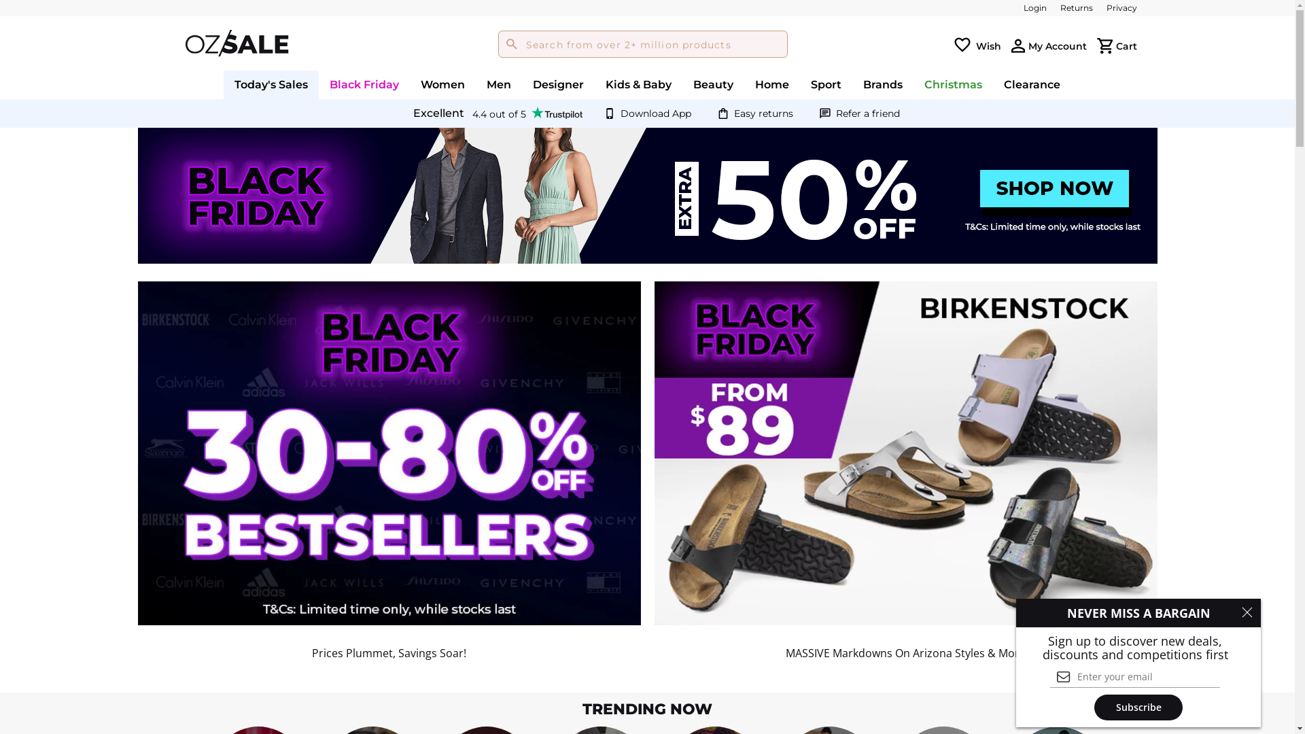 The image size is (1305, 734). What do you see at coordinates (1094, 707) in the screenshot?
I see `'Subscribe'` at bounding box center [1094, 707].